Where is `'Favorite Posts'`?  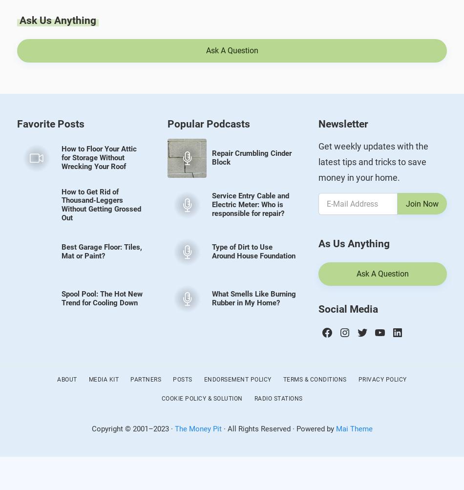 'Favorite Posts' is located at coordinates (51, 124).